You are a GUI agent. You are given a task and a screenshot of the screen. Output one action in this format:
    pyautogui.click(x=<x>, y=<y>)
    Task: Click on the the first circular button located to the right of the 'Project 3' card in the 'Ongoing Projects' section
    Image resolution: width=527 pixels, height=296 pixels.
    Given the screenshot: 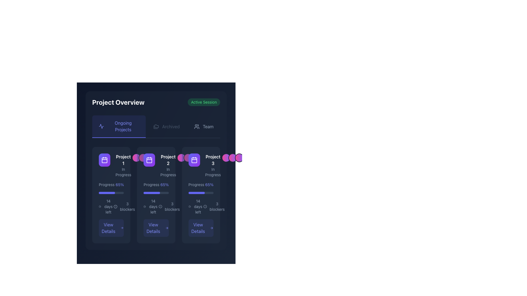 What is the action you would take?
    pyautogui.click(x=226, y=158)
    